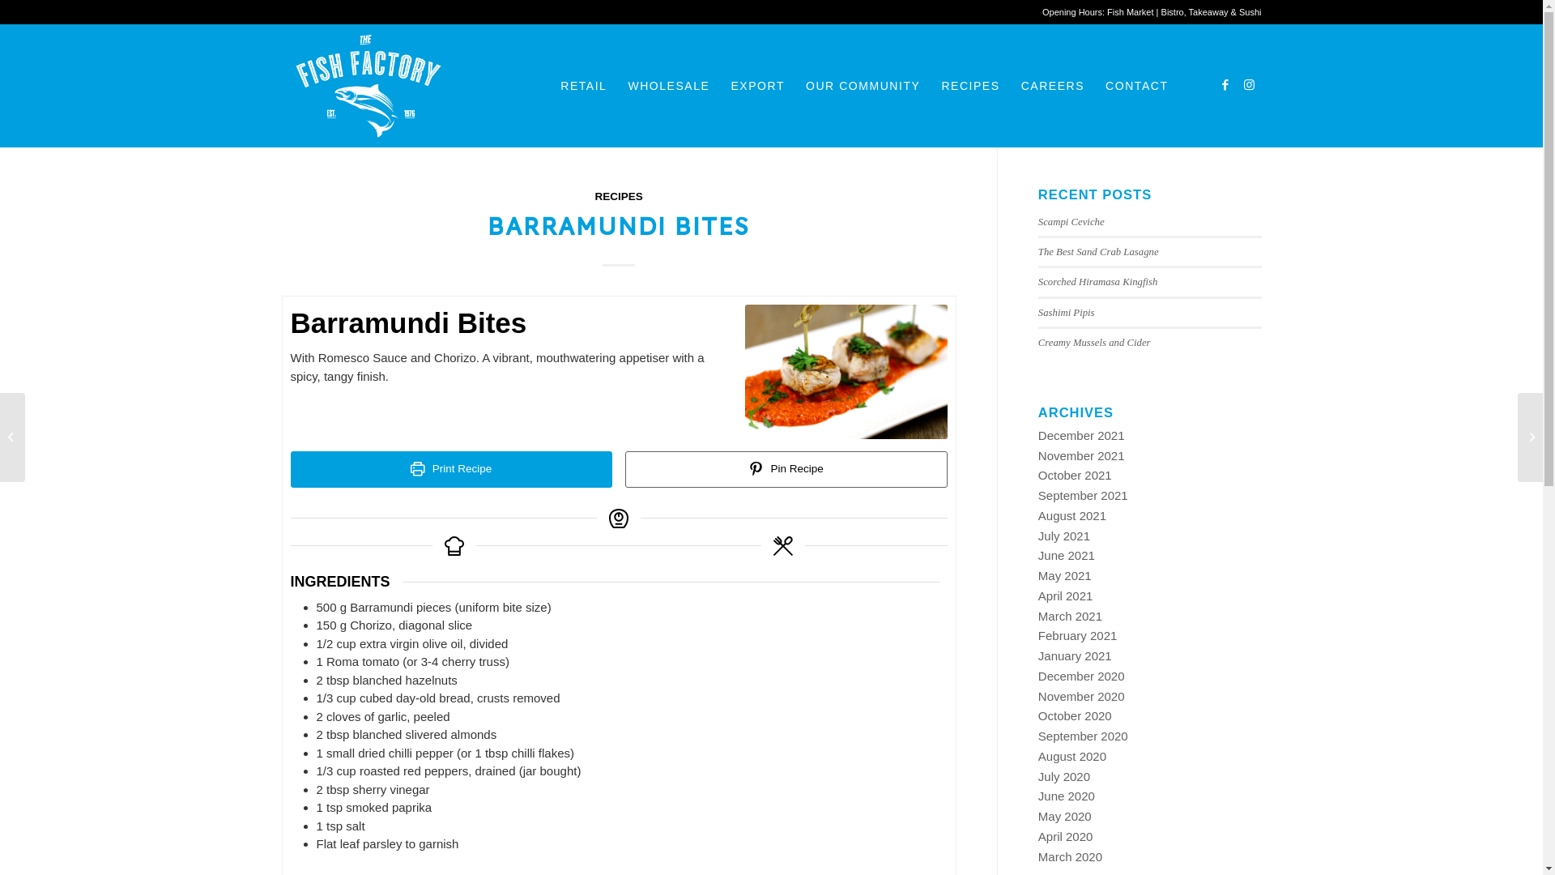  What do you see at coordinates (1075, 474) in the screenshot?
I see `'October 2021'` at bounding box center [1075, 474].